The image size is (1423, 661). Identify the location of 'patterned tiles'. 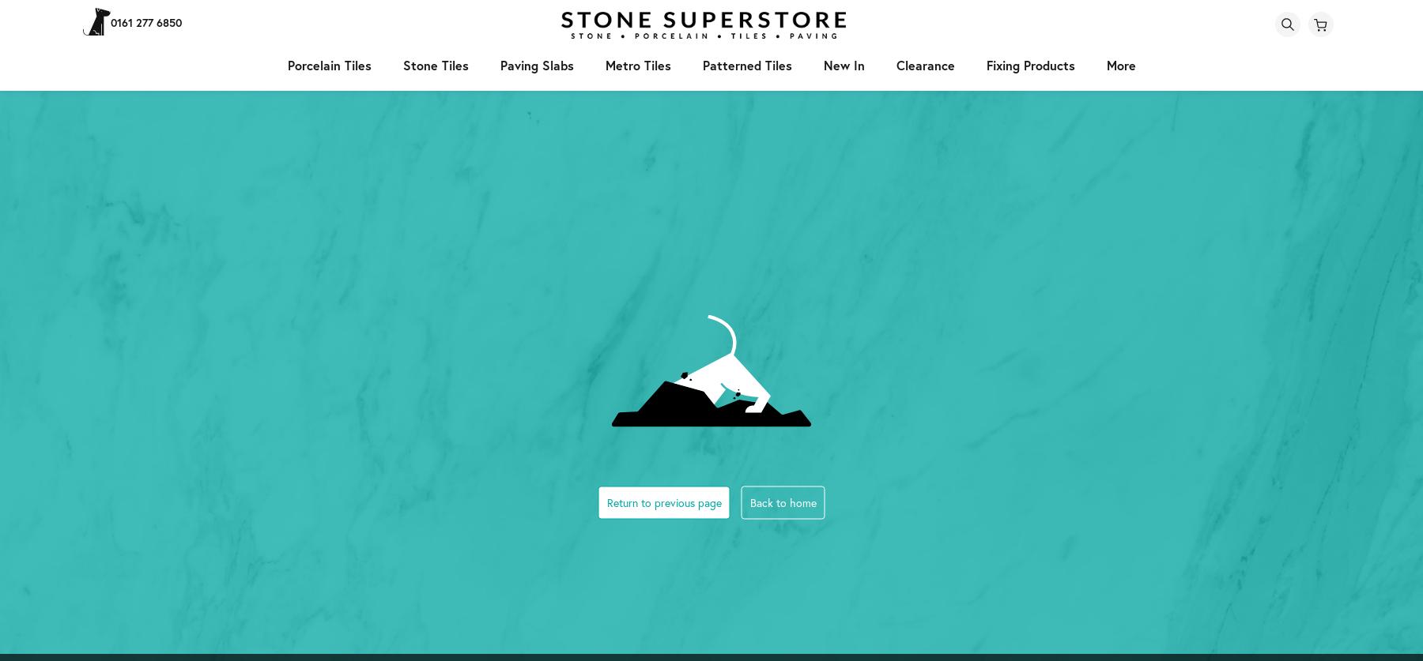
(745, 65).